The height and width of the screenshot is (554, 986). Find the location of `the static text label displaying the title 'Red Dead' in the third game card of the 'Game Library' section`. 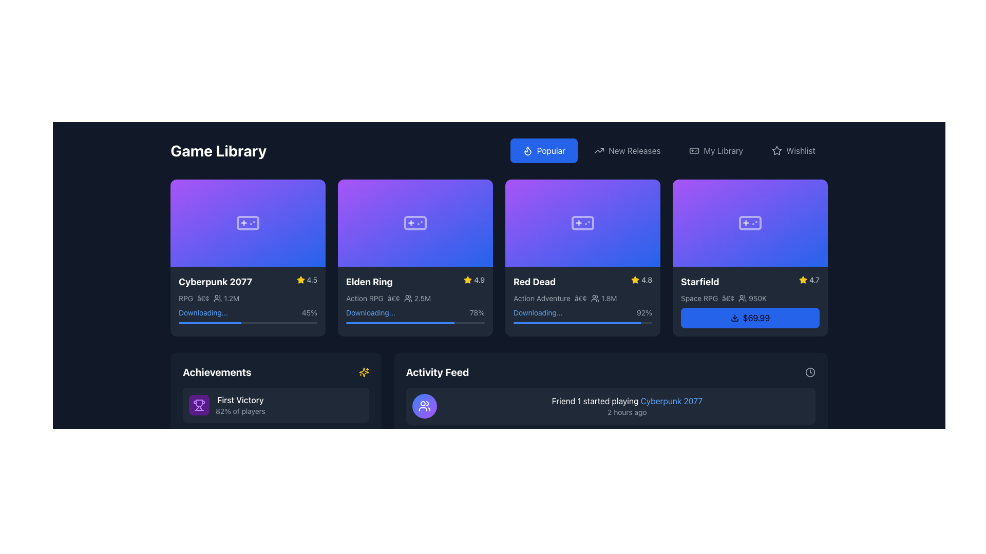

the static text label displaying the title 'Red Dead' in the third game card of the 'Game Library' section is located at coordinates (534, 282).